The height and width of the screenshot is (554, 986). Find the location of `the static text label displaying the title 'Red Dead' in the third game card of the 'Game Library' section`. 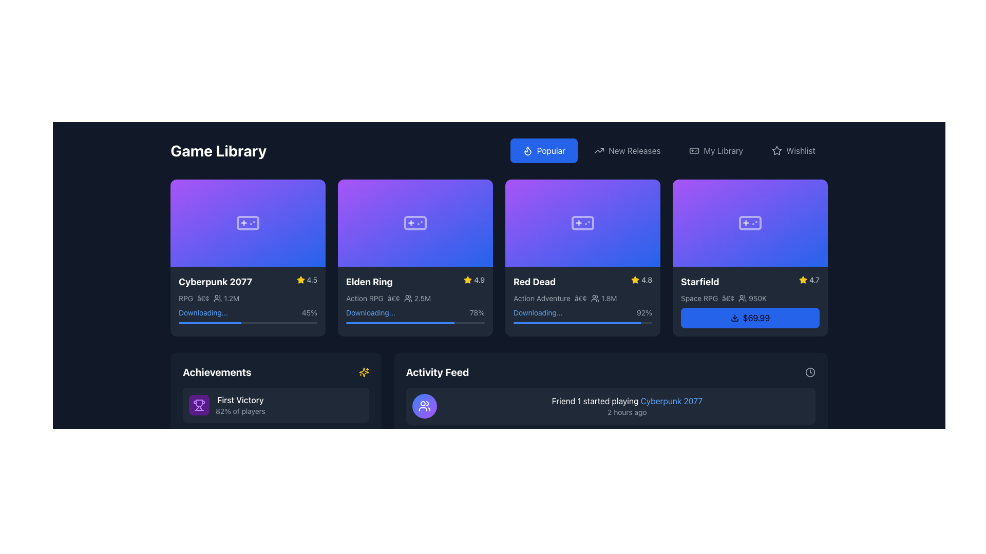

the static text label displaying the title 'Red Dead' in the third game card of the 'Game Library' section is located at coordinates (534, 282).